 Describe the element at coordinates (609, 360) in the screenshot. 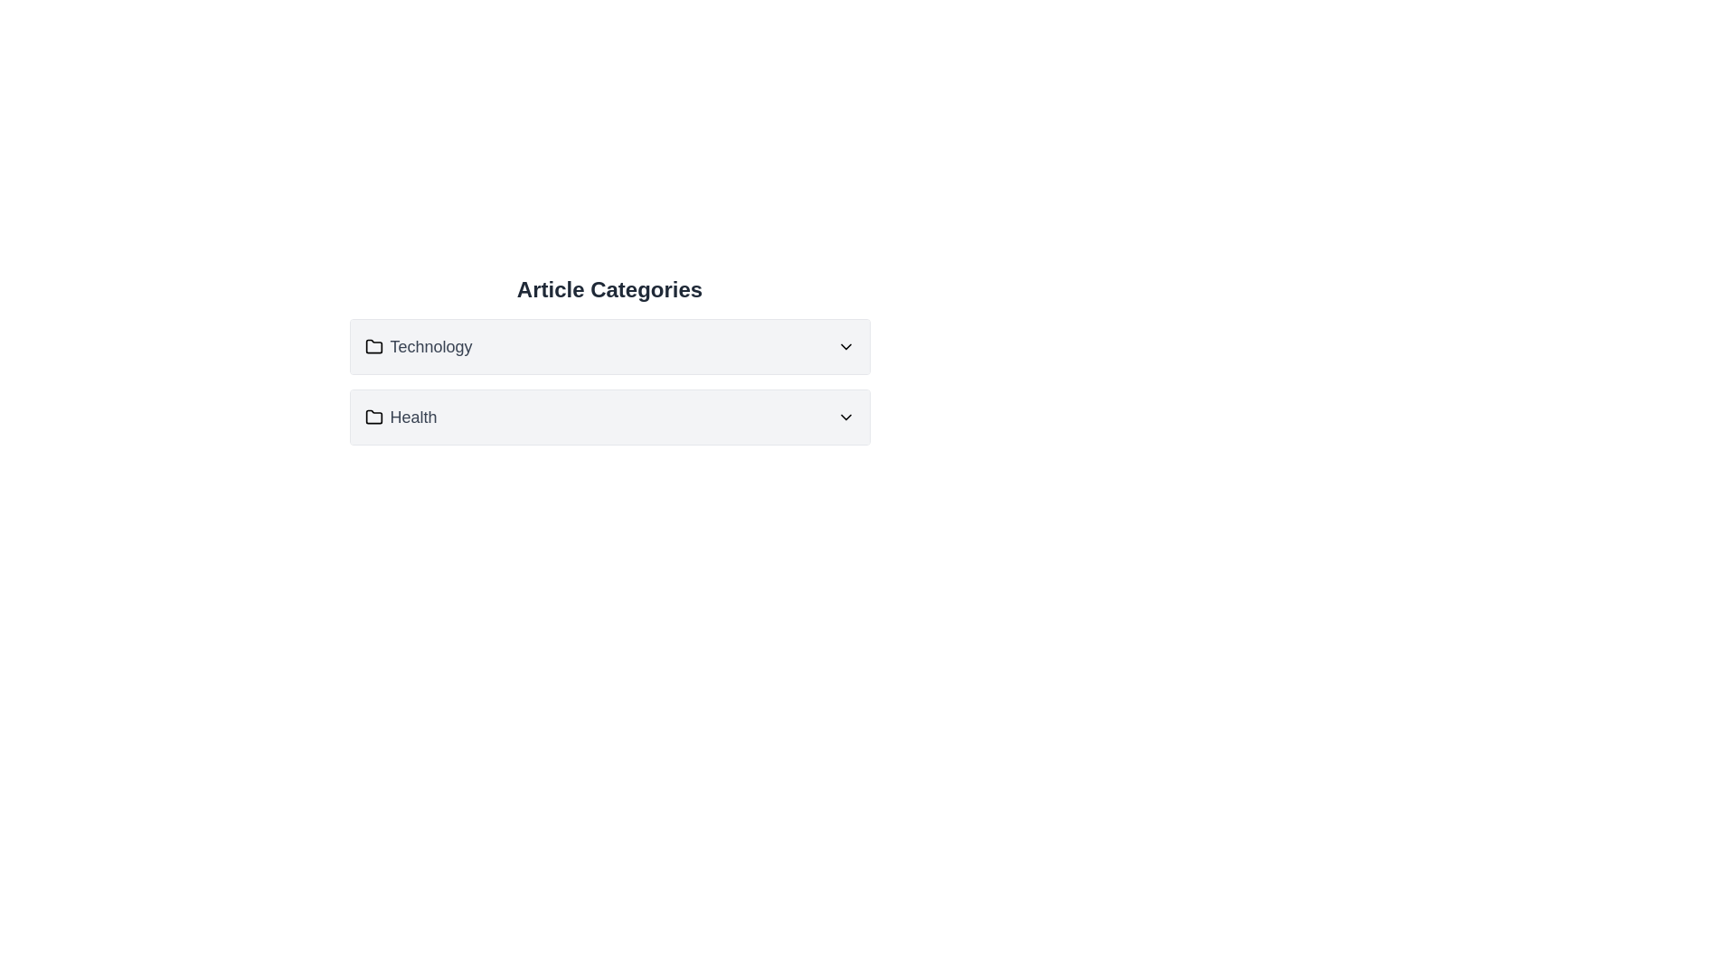

I see `the 'Technology' category in the 'Article Categories' section` at that location.